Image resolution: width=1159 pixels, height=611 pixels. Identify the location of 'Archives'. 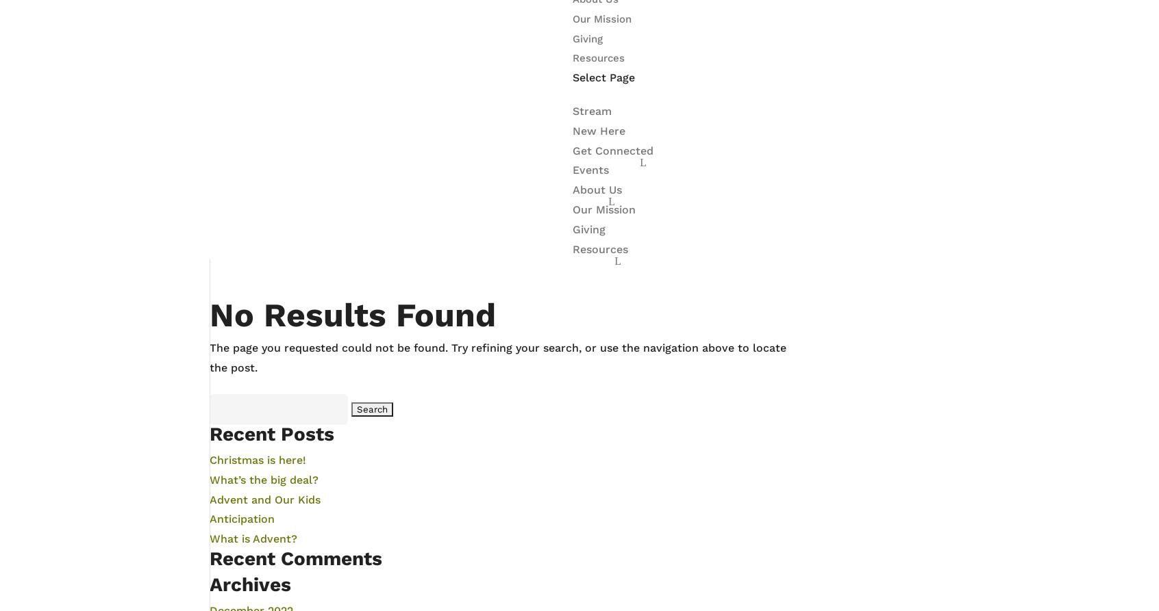
(209, 583).